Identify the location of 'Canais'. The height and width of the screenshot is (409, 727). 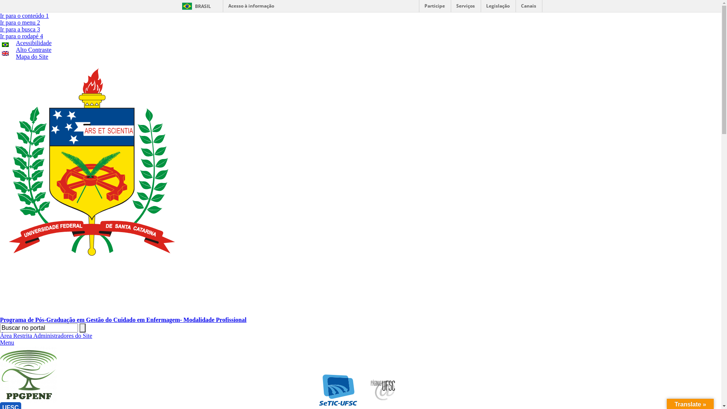
(528, 7).